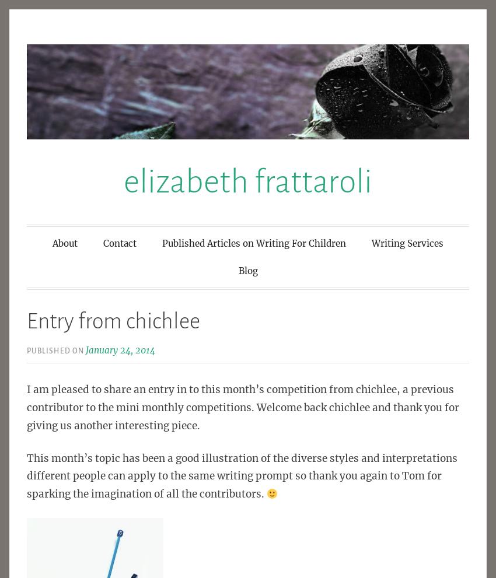  I want to click on 'About', so click(64, 243).